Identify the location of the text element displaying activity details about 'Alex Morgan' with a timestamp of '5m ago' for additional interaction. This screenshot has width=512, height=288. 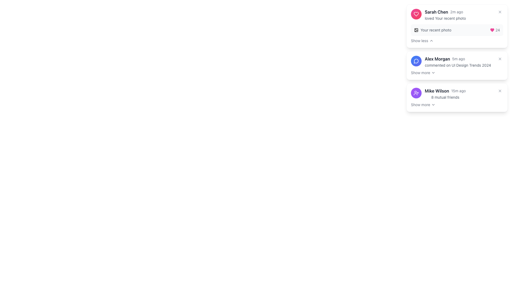
(458, 59).